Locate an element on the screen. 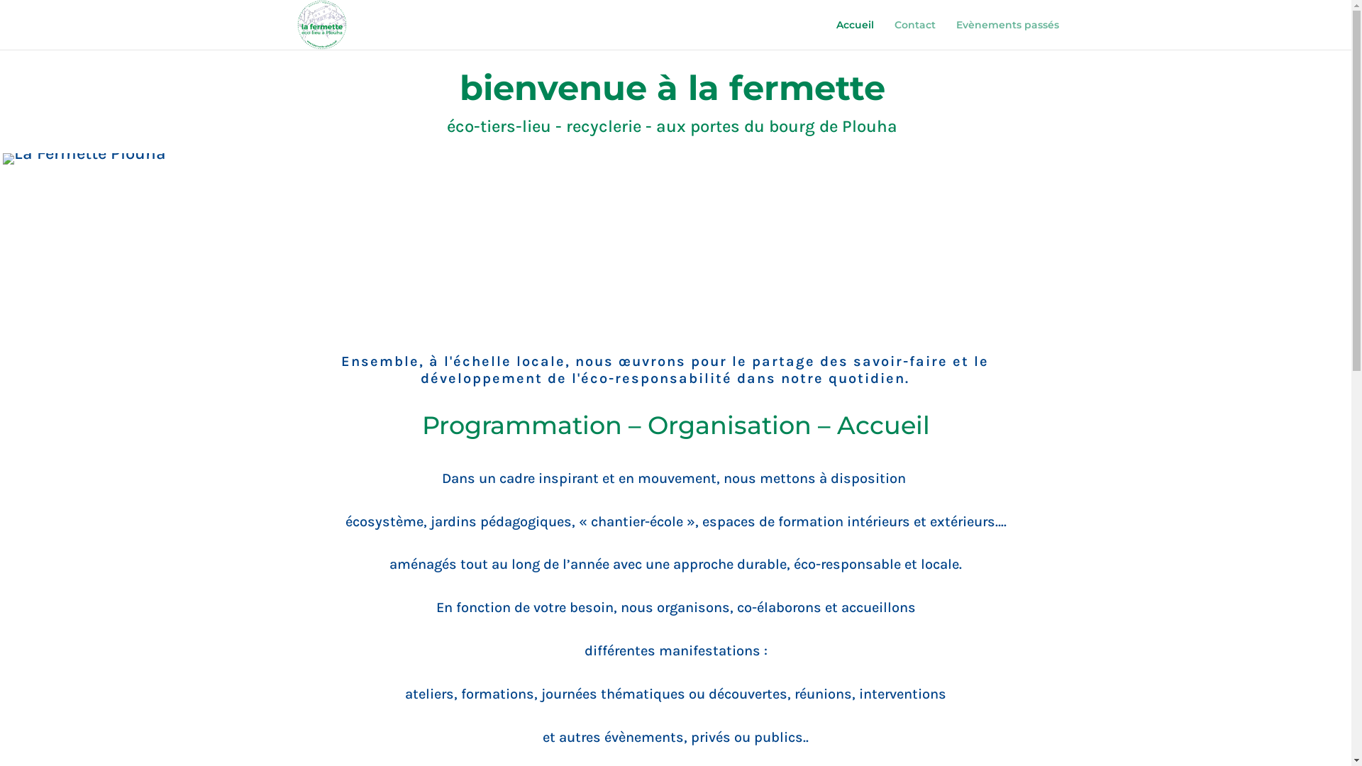 This screenshot has width=1362, height=766. 'La Fermette Plouha' is located at coordinates (84, 158).